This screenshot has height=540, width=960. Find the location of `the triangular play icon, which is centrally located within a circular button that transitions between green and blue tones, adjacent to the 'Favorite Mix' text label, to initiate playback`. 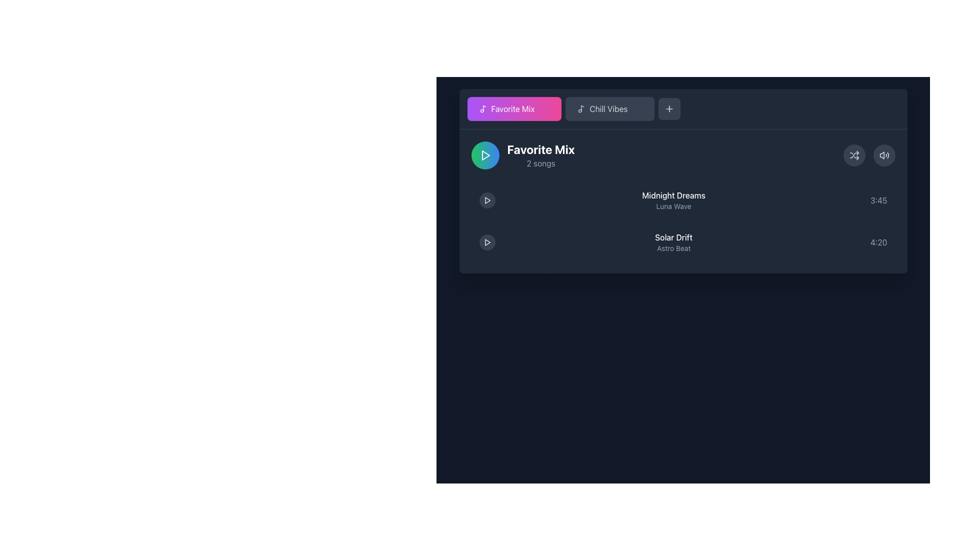

the triangular play icon, which is centrally located within a circular button that transitions between green and blue tones, adjacent to the 'Favorite Mix' text label, to initiate playback is located at coordinates (485, 155).